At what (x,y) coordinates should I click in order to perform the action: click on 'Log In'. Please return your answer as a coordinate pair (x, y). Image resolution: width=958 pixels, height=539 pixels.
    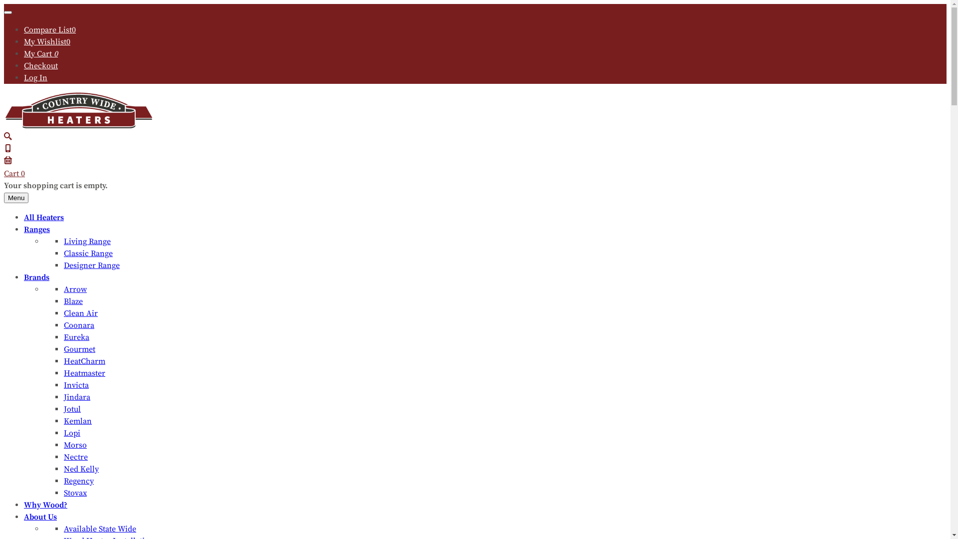
    Looking at the image, I should click on (24, 77).